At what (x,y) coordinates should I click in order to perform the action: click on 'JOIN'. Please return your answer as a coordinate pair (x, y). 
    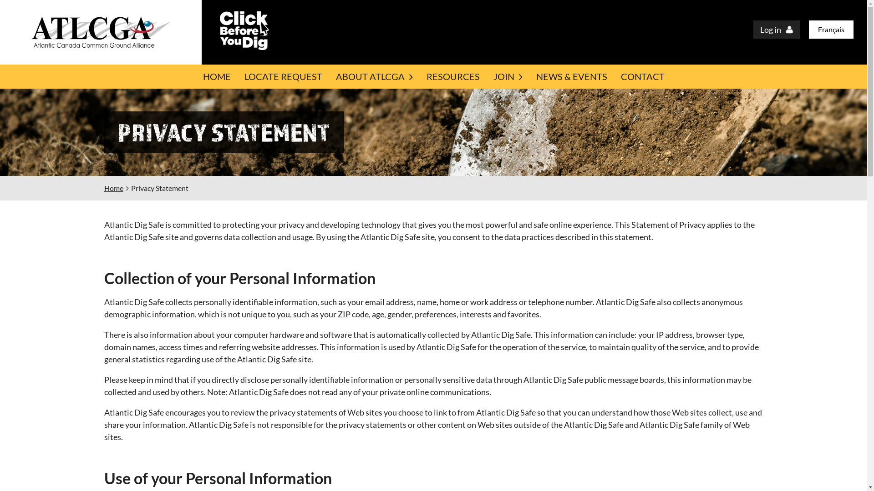
    Looking at the image, I should click on (507, 76).